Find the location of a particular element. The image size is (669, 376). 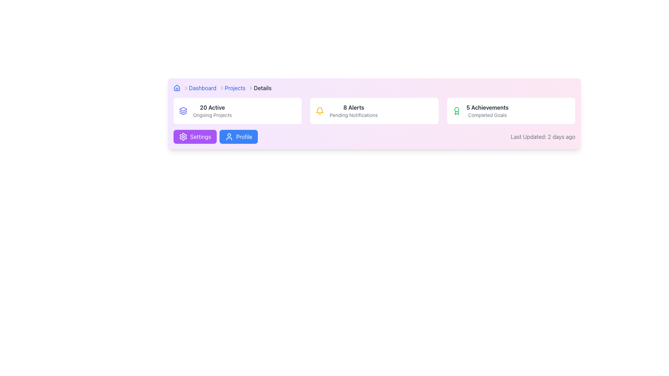

the settings icon represented by a cog or outer gear structure located at the top left corner of the interface is located at coordinates (183, 137).